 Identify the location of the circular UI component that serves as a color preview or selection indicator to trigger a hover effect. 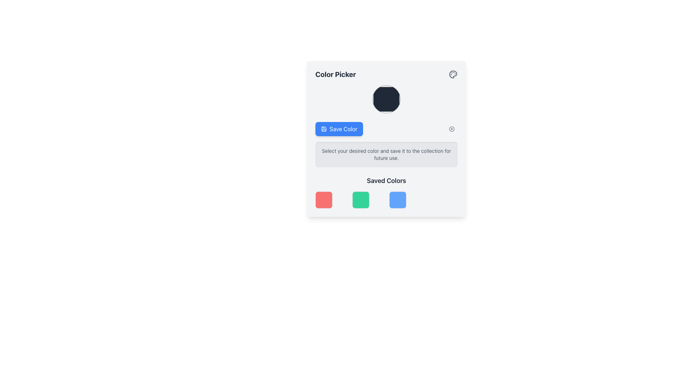
(386, 99).